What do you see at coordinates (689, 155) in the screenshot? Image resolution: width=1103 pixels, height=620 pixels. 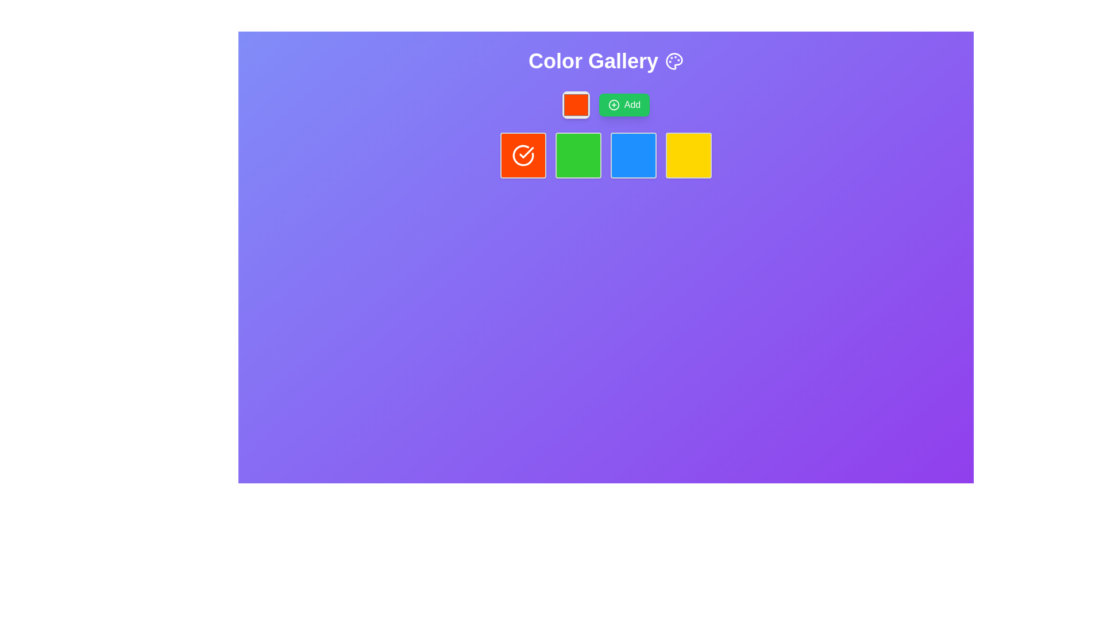 I see `the fourth square color selection item in the color gallery` at bounding box center [689, 155].